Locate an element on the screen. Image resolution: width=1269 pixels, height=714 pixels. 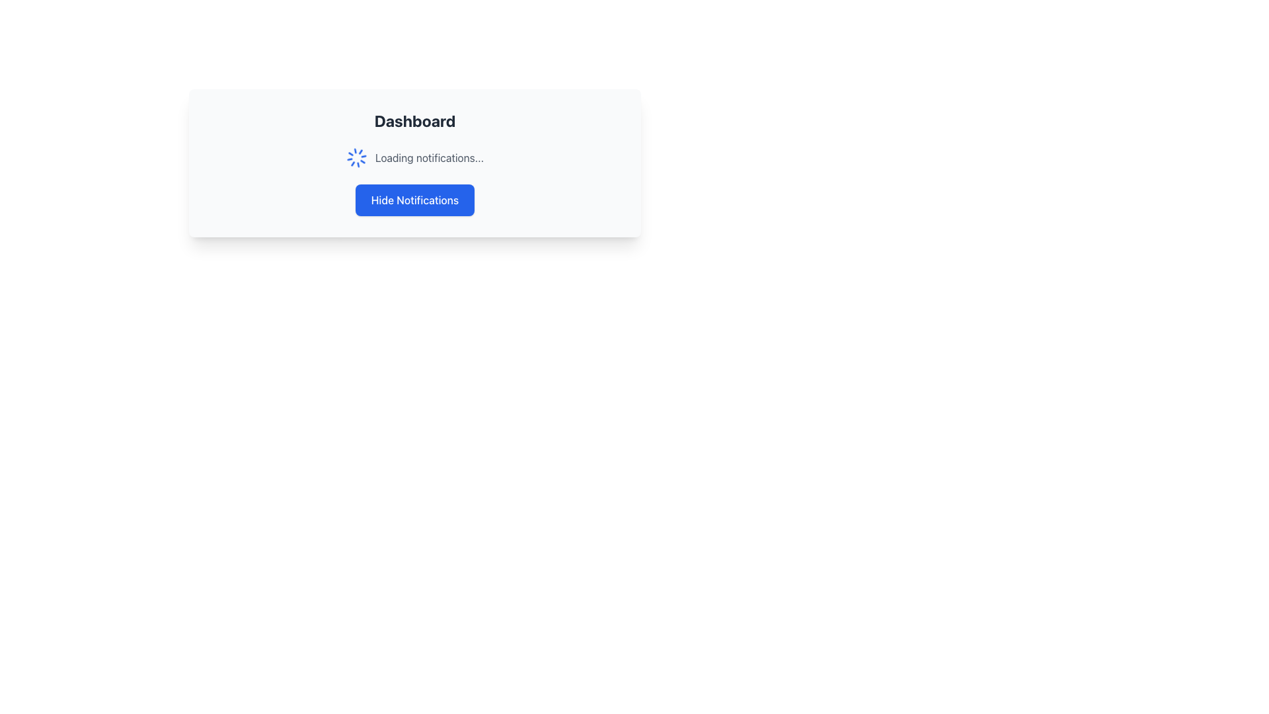
the Loader icon that visually indicates a loading or processing state, located to the left of the text 'Loading notifications...' is located at coordinates (356, 157).